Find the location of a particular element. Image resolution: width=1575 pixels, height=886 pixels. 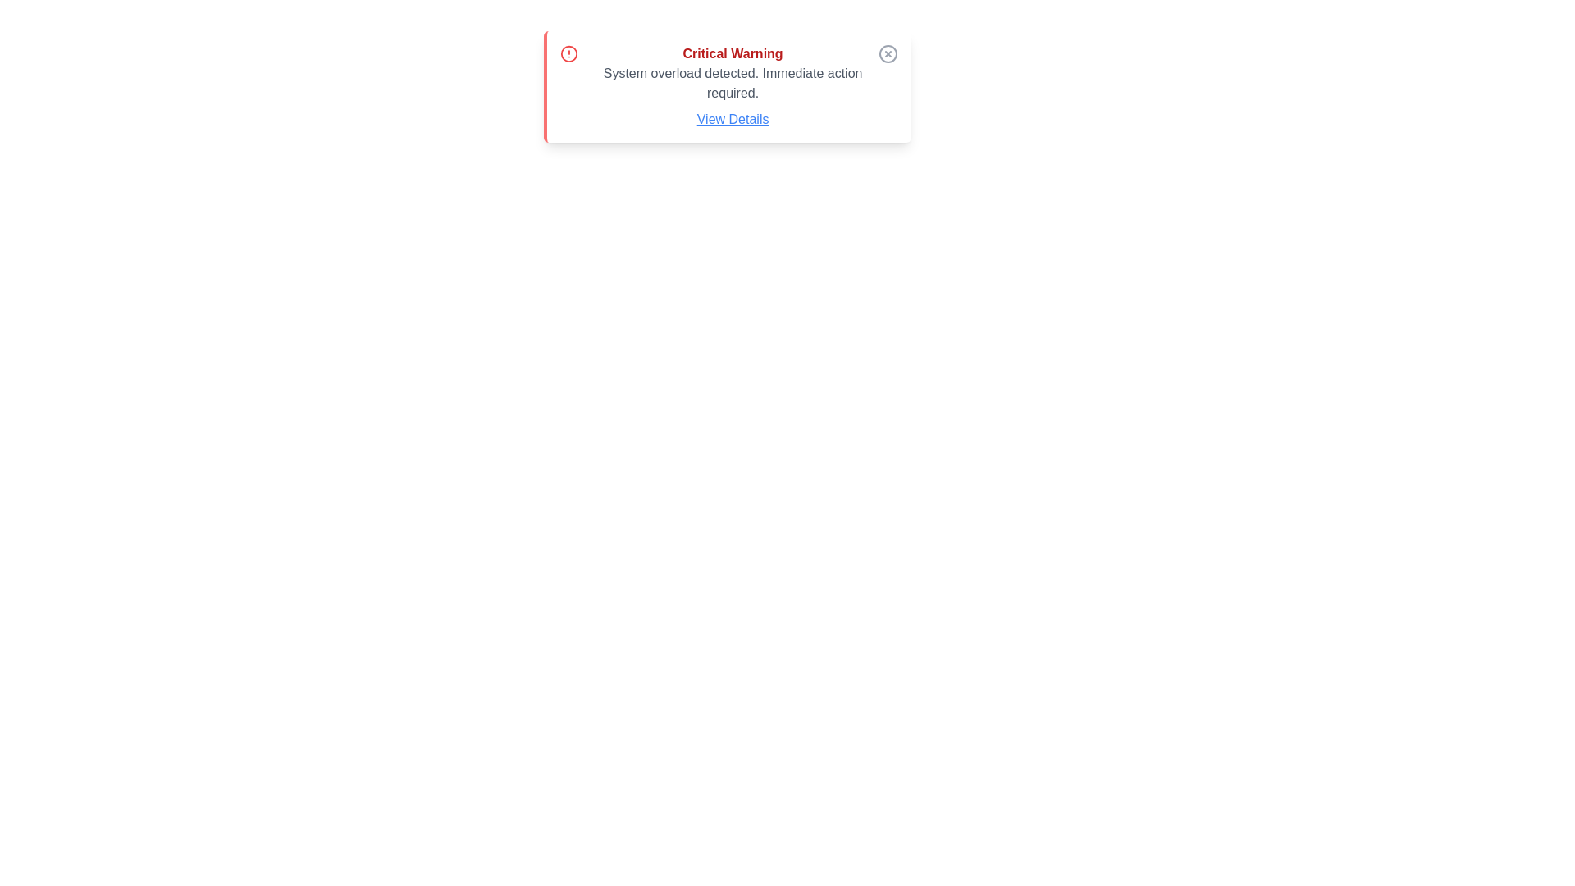

the 'View Details' hyperlink, which is styled in blue with an underline and is located at the bottom of the warning message box is located at coordinates (732, 119).